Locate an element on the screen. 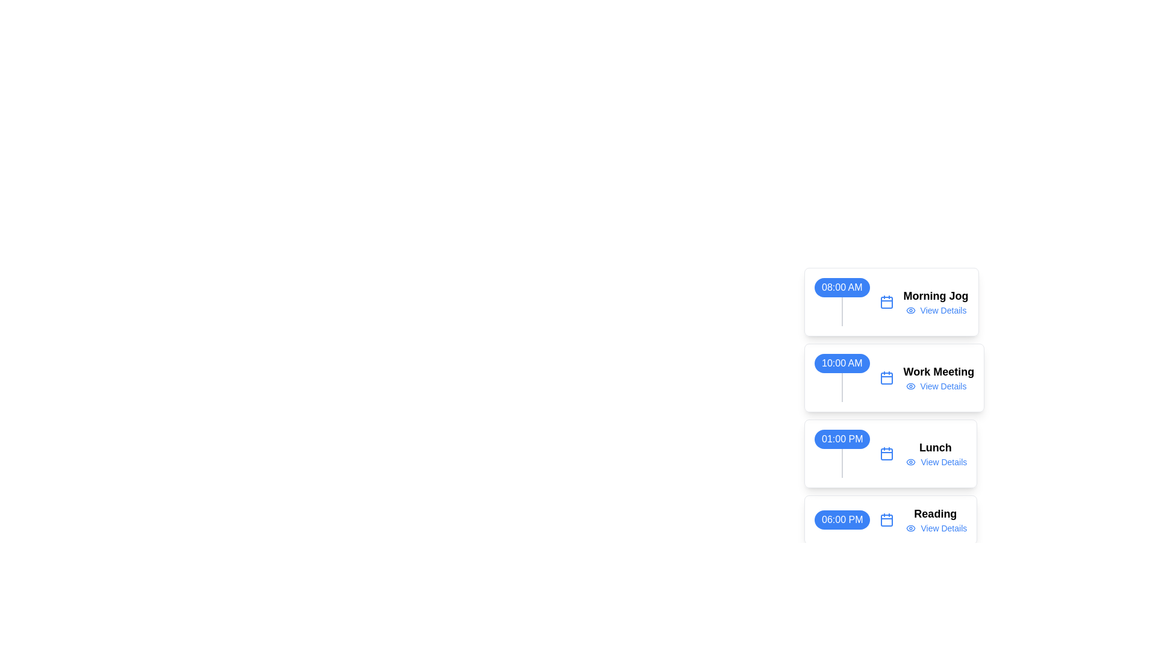  the first text label within the timeline interface that indicates the time 01:00 PM, which is the third element in the chronological sequence is located at coordinates (842, 439).